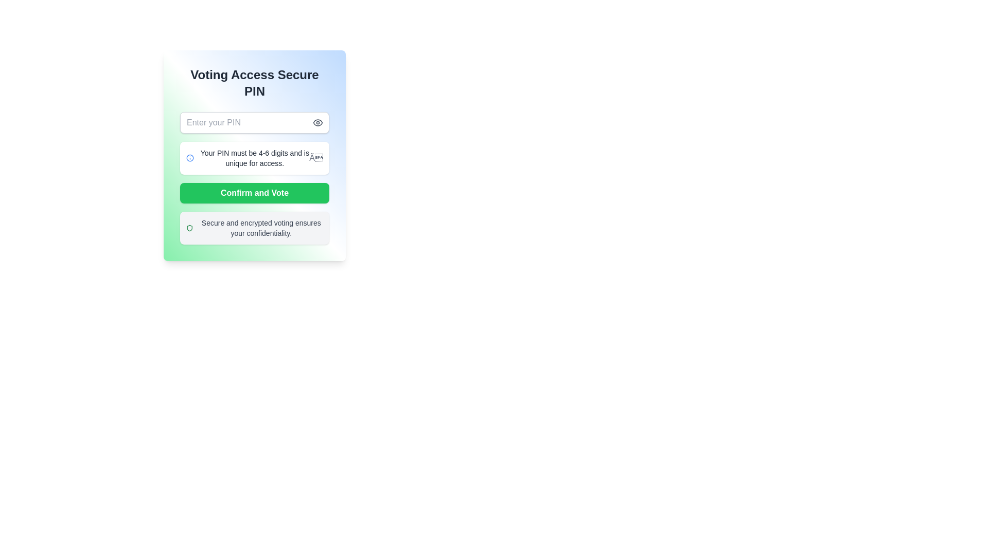 The width and height of the screenshot is (988, 555). Describe the element at coordinates (254, 158) in the screenshot. I see `informative text from the Notification banner located below the PIN input field and above the ‘Confirm and Vote’ button, which provides details on PIN requirements for access` at that location.